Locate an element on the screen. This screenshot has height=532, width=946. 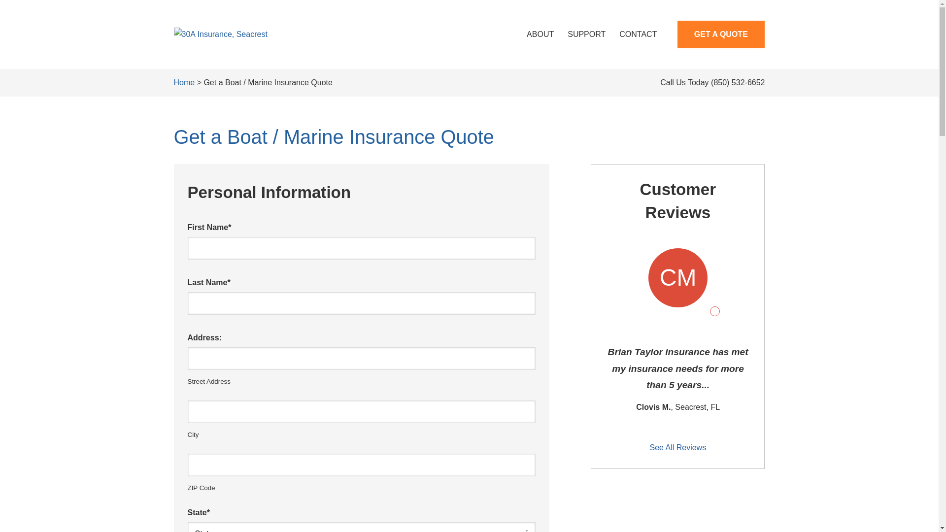
'ABOUT' is located at coordinates (540, 33).